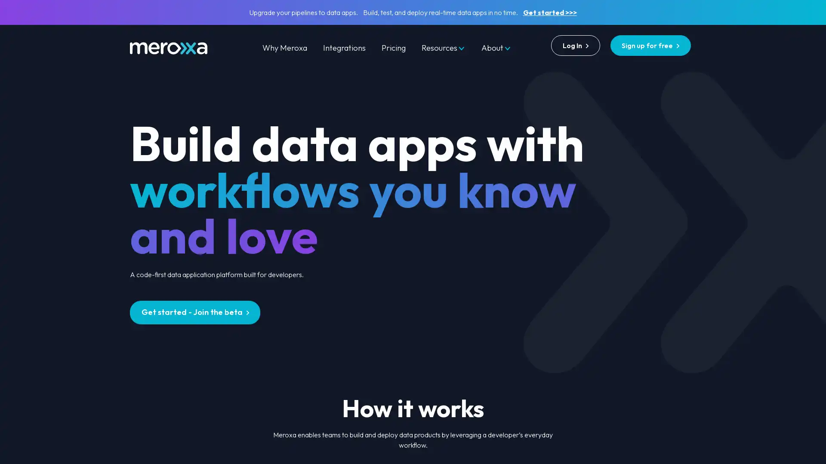 The image size is (826, 464). What do you see at coordinates (443, 48) in the screenshot?
I see `Resources` at bounding box center [443, 48].